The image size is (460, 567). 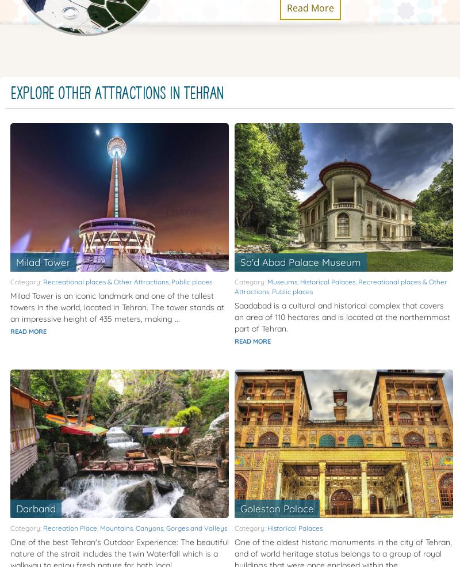 What do you see at coordinates (117, 93) in the screenshot?
I see `'EXPLORE OTHER ATTRACTIONS IN Tehran'` at bounding box center [117, 93].